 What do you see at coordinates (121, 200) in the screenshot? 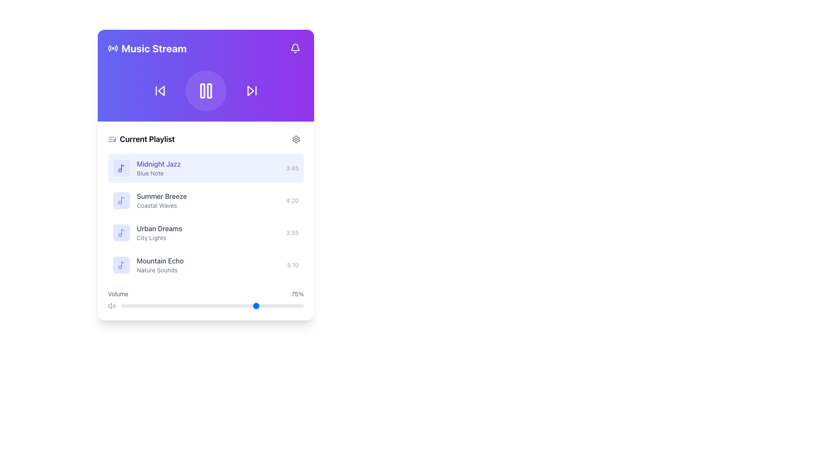
I see `the circular music note icon with an indigo background located on the left side of the 'Summer Breeze' list item` at bounding box center [121, 200].